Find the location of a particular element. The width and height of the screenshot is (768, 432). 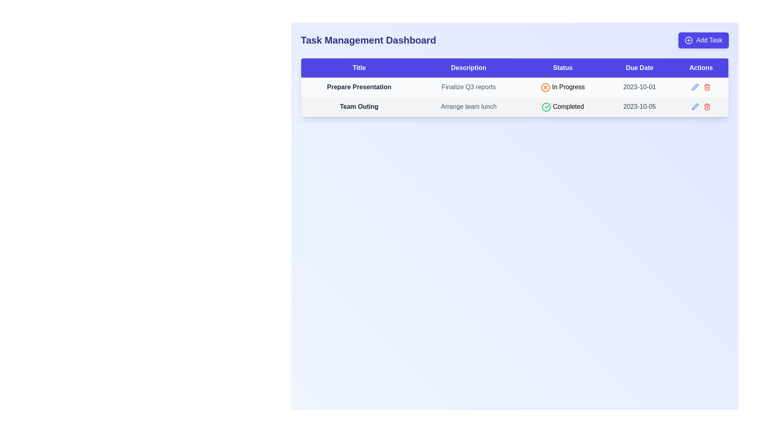

the static text display showing the date '2023-10-01' in the 'Due Date' column of the data table is located at coordinates (639, 87).